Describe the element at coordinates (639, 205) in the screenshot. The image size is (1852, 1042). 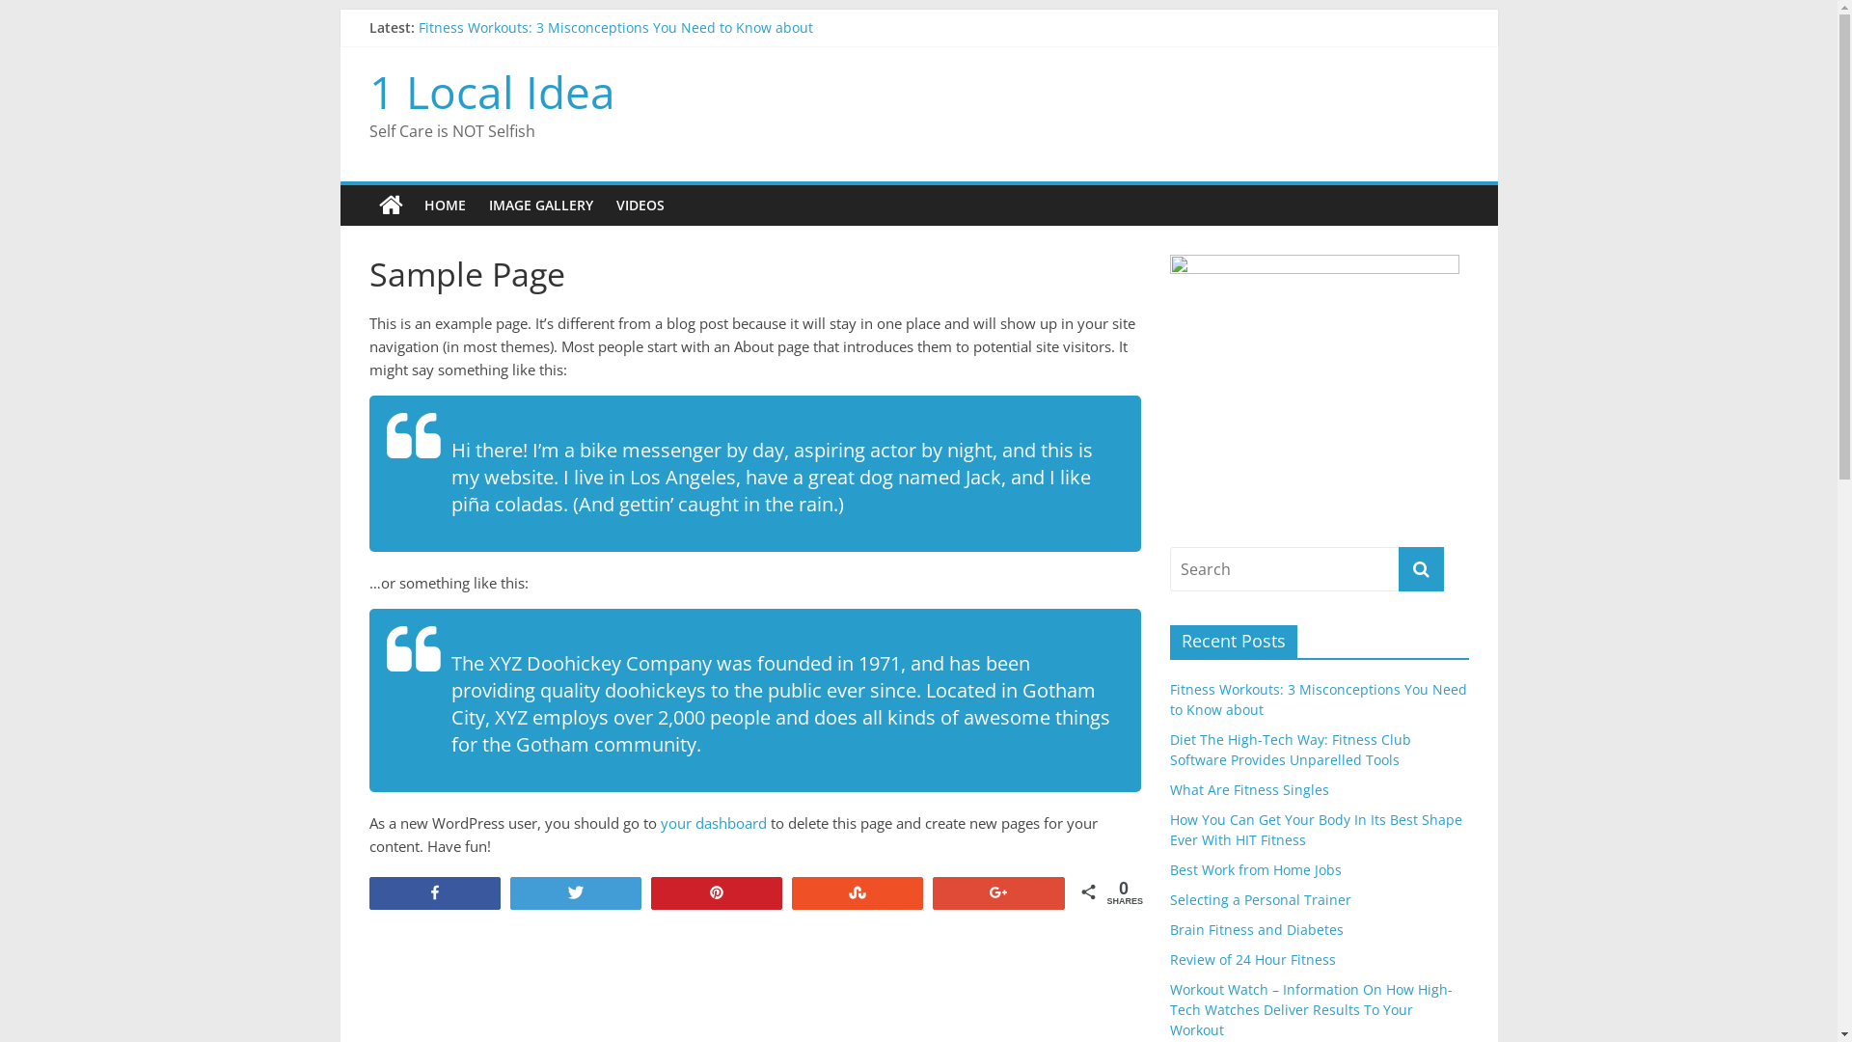
I see `'VIDEOS'` at that location.